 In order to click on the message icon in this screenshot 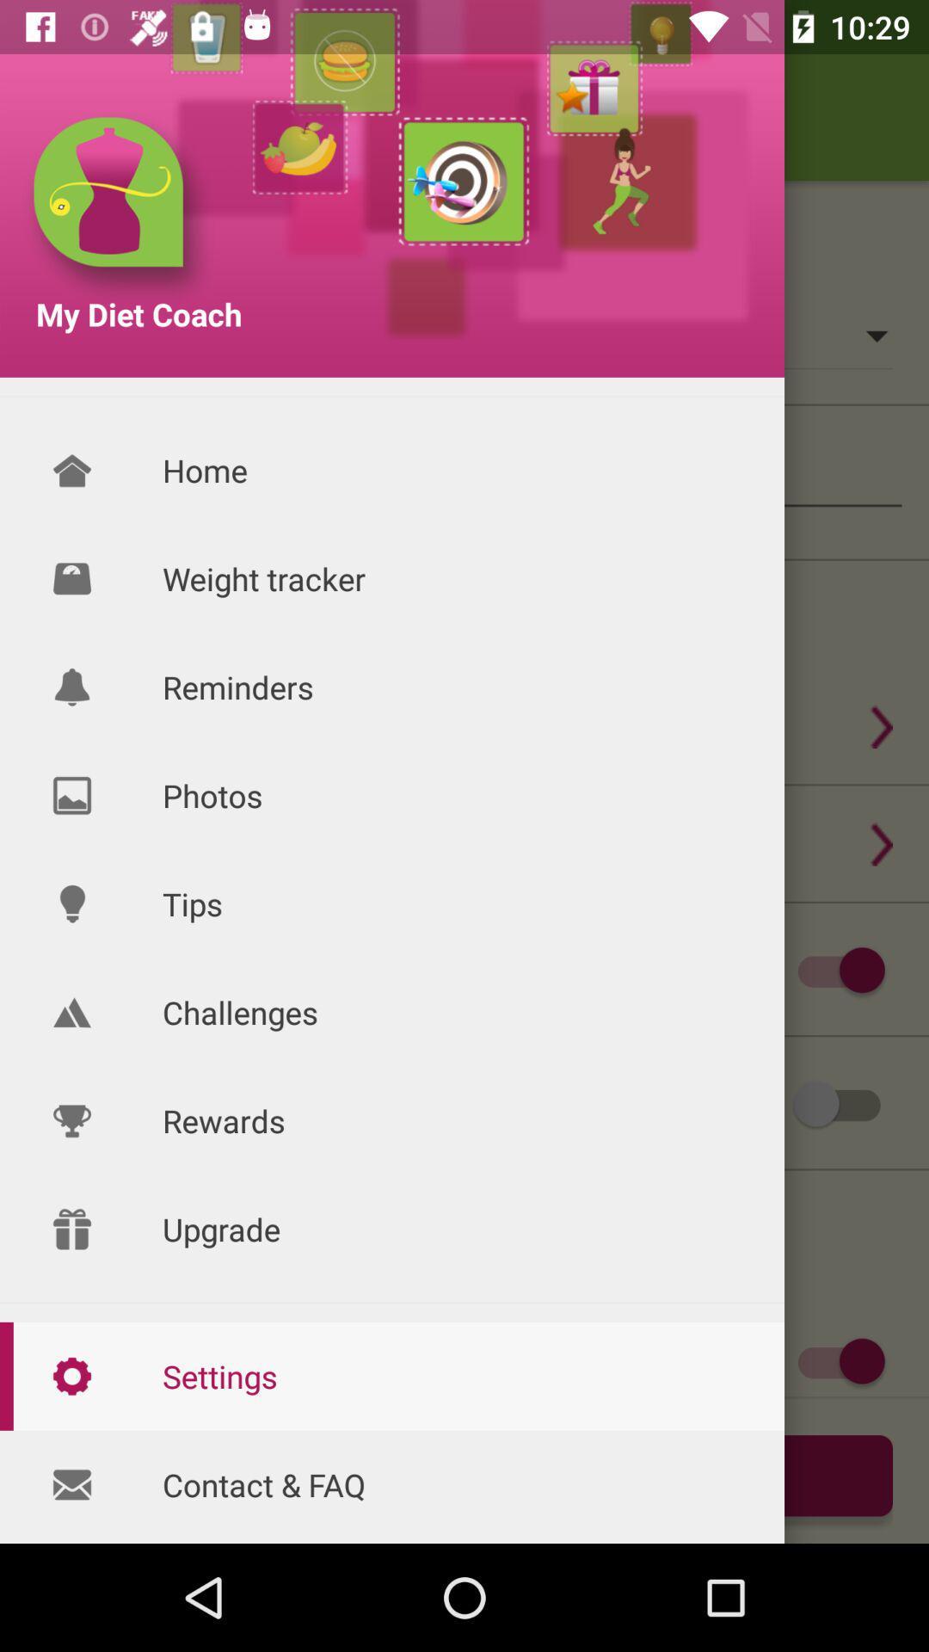, I will do `click(71, 1484)`.